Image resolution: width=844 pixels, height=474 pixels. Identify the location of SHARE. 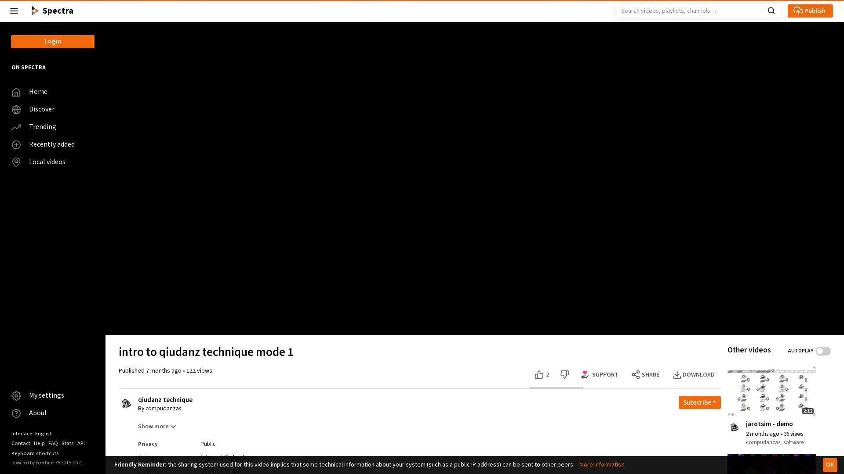
(646, 374).